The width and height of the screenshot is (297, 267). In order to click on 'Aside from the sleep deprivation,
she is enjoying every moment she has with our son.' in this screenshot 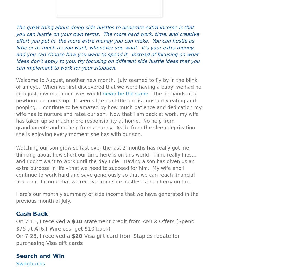, I will do `click(106, 131)`.